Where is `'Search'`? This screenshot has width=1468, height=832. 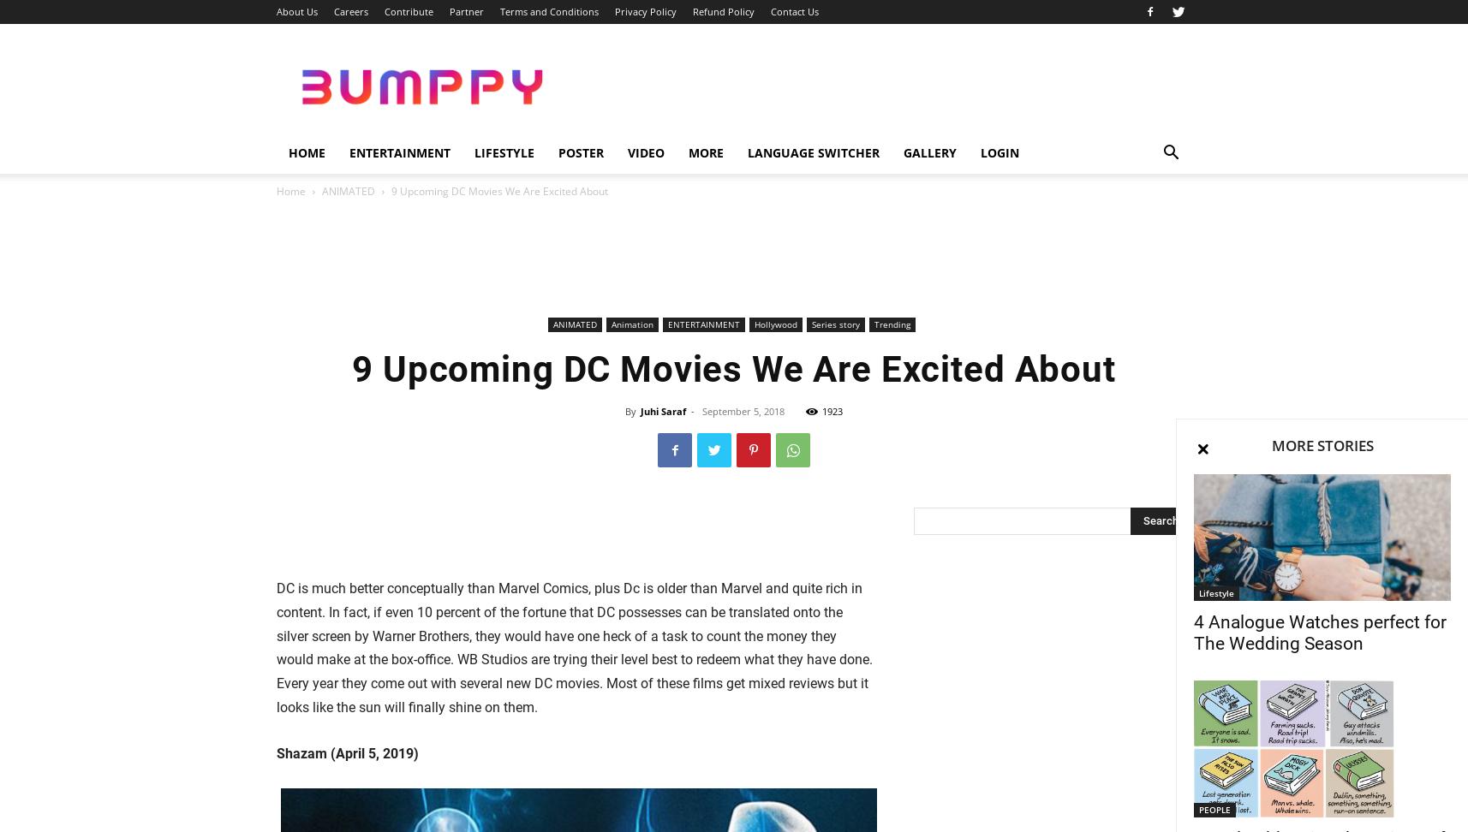
'Search' is located at coordinates (733, 85).